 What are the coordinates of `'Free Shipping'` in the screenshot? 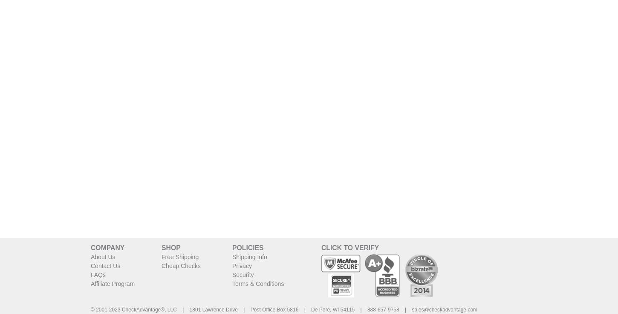 It's located at (179, 256).